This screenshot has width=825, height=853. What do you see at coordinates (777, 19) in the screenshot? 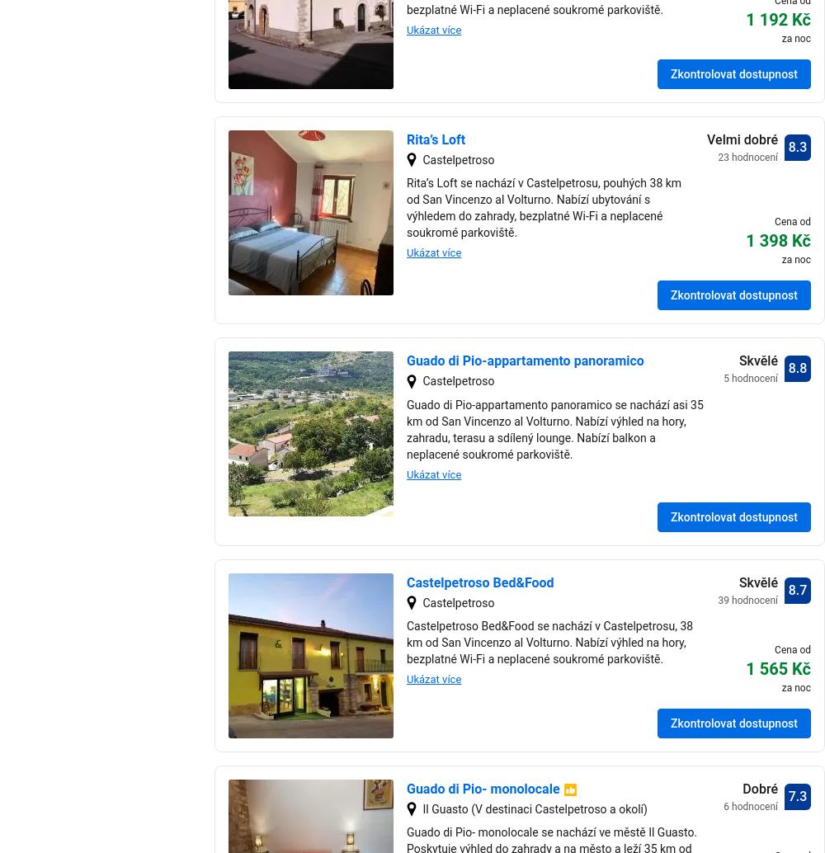
I see `'1 192 Kč'` at bounding box center [777, 19].